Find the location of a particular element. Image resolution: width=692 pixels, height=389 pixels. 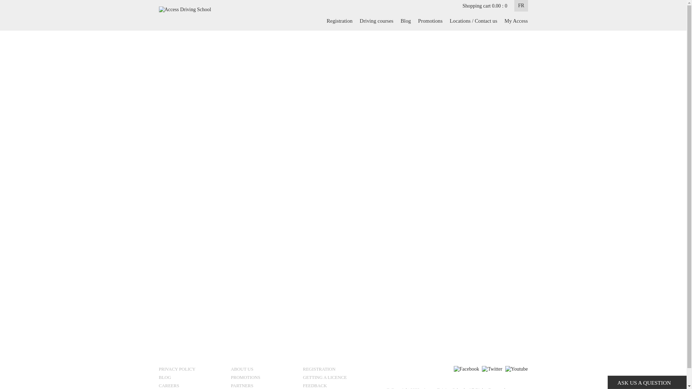

'Ste-Anne De Bellevue' is located at coordinates (256, 106).